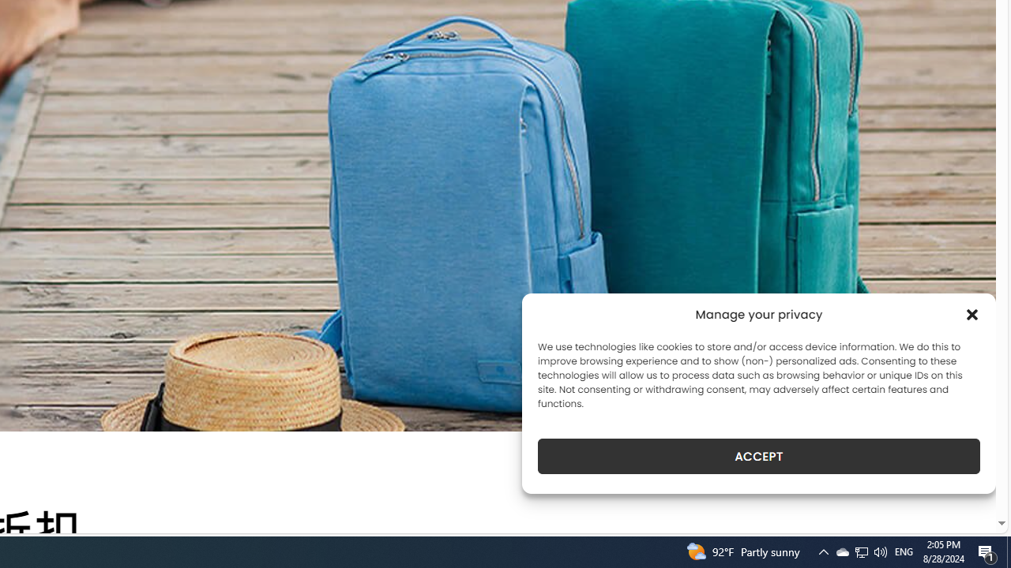  What do you see at coordinates (972, 314) in the screenshot?
I see `'Class: cmplz-close'` at bounding box center [972, 314].